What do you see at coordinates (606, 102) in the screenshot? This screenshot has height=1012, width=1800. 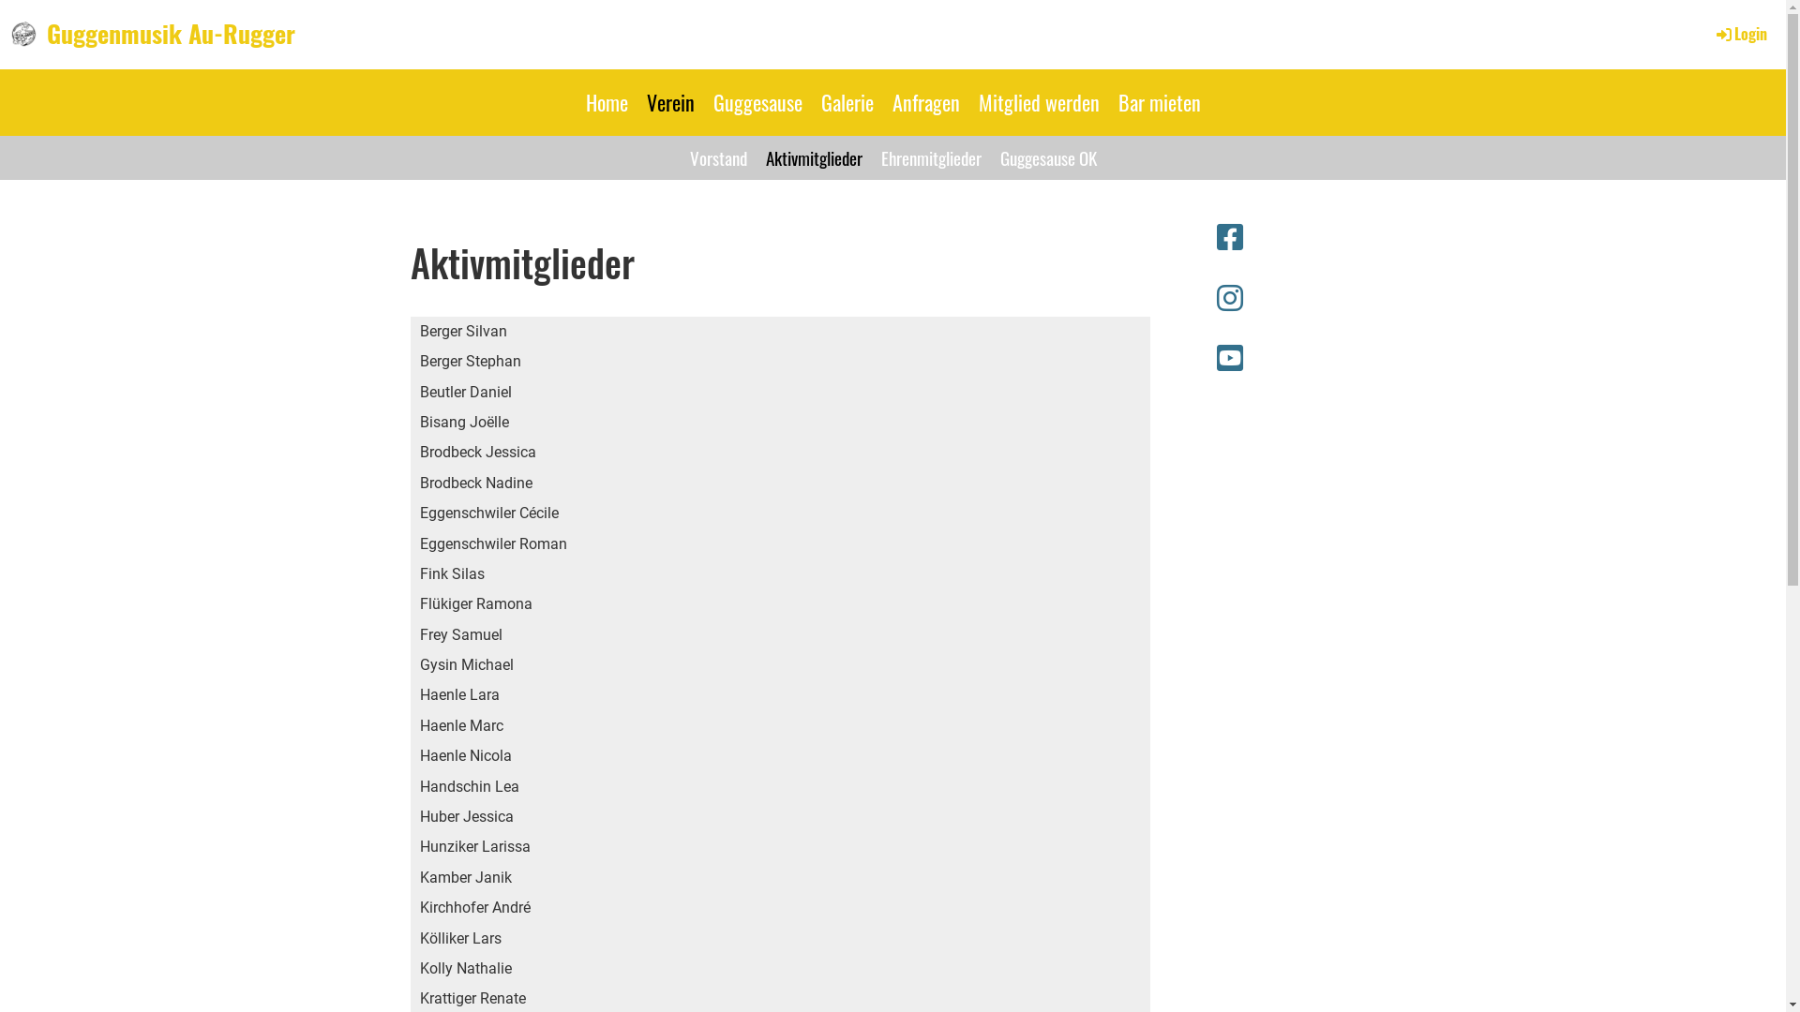 I see `'Home'` at bounding box center [606, 102].